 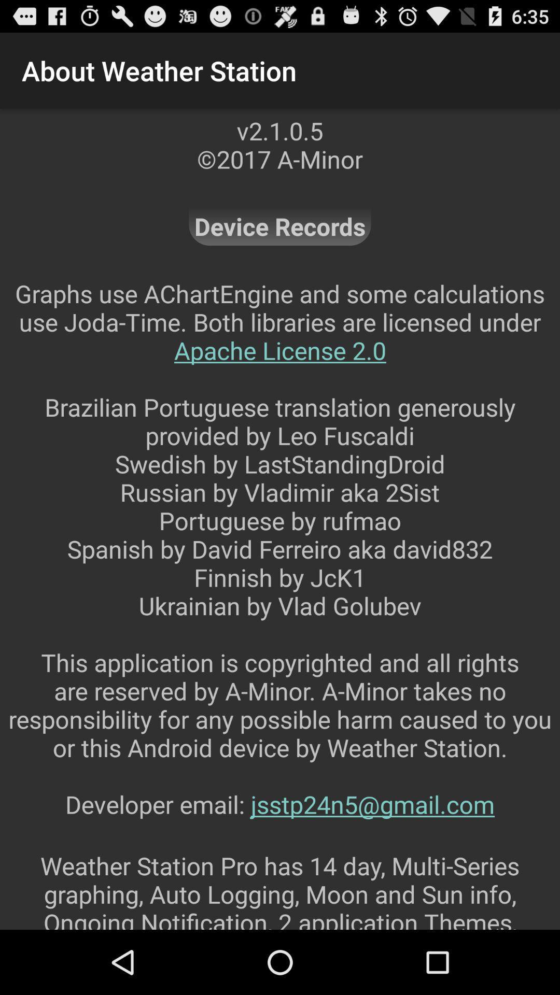 I want to click on the icon above the weather station pro app, so click(x=280, y=562).